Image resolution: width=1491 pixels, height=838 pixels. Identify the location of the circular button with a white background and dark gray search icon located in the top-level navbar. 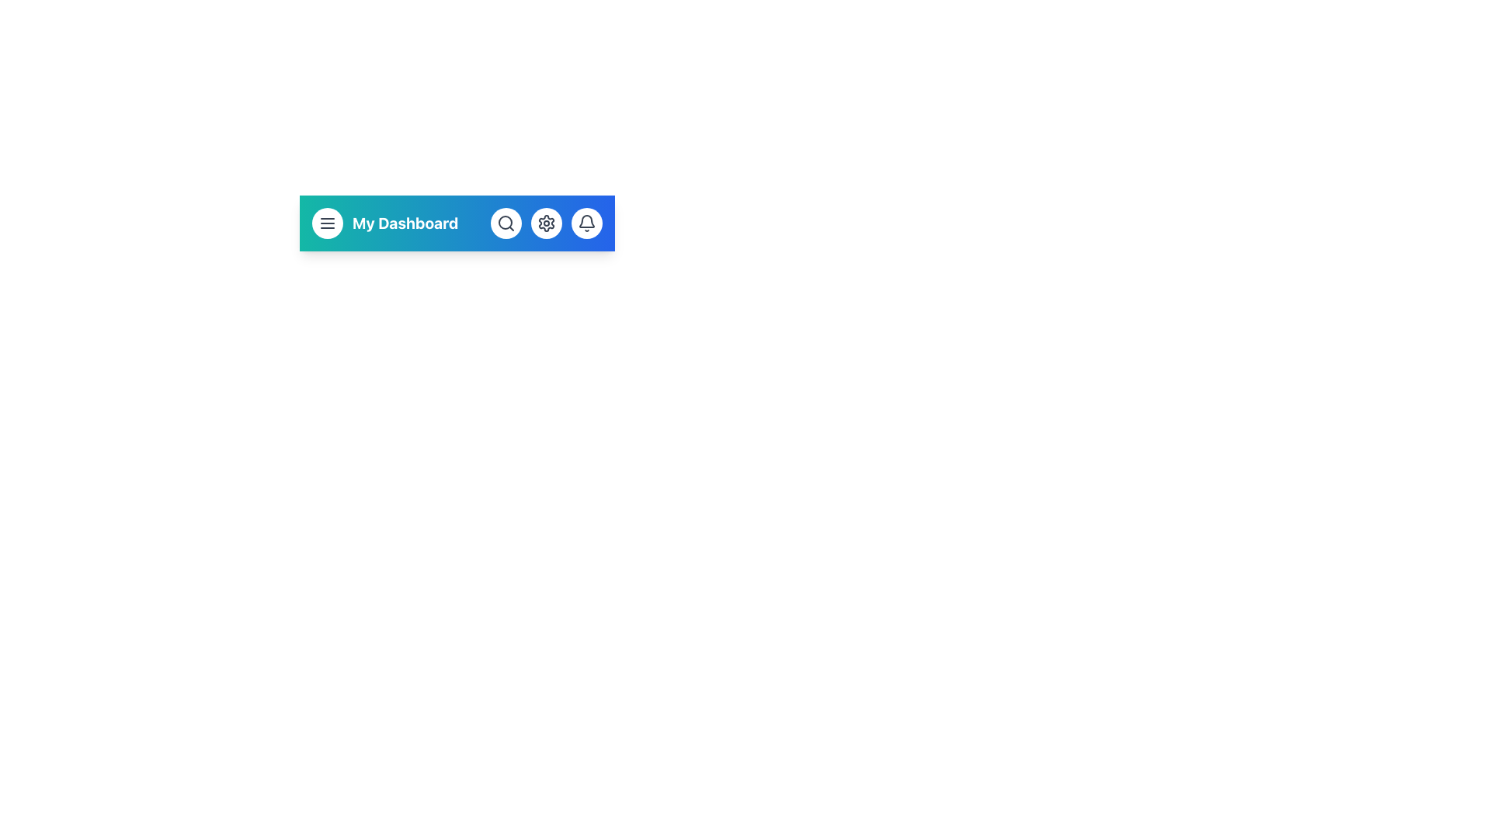
(506, 223).